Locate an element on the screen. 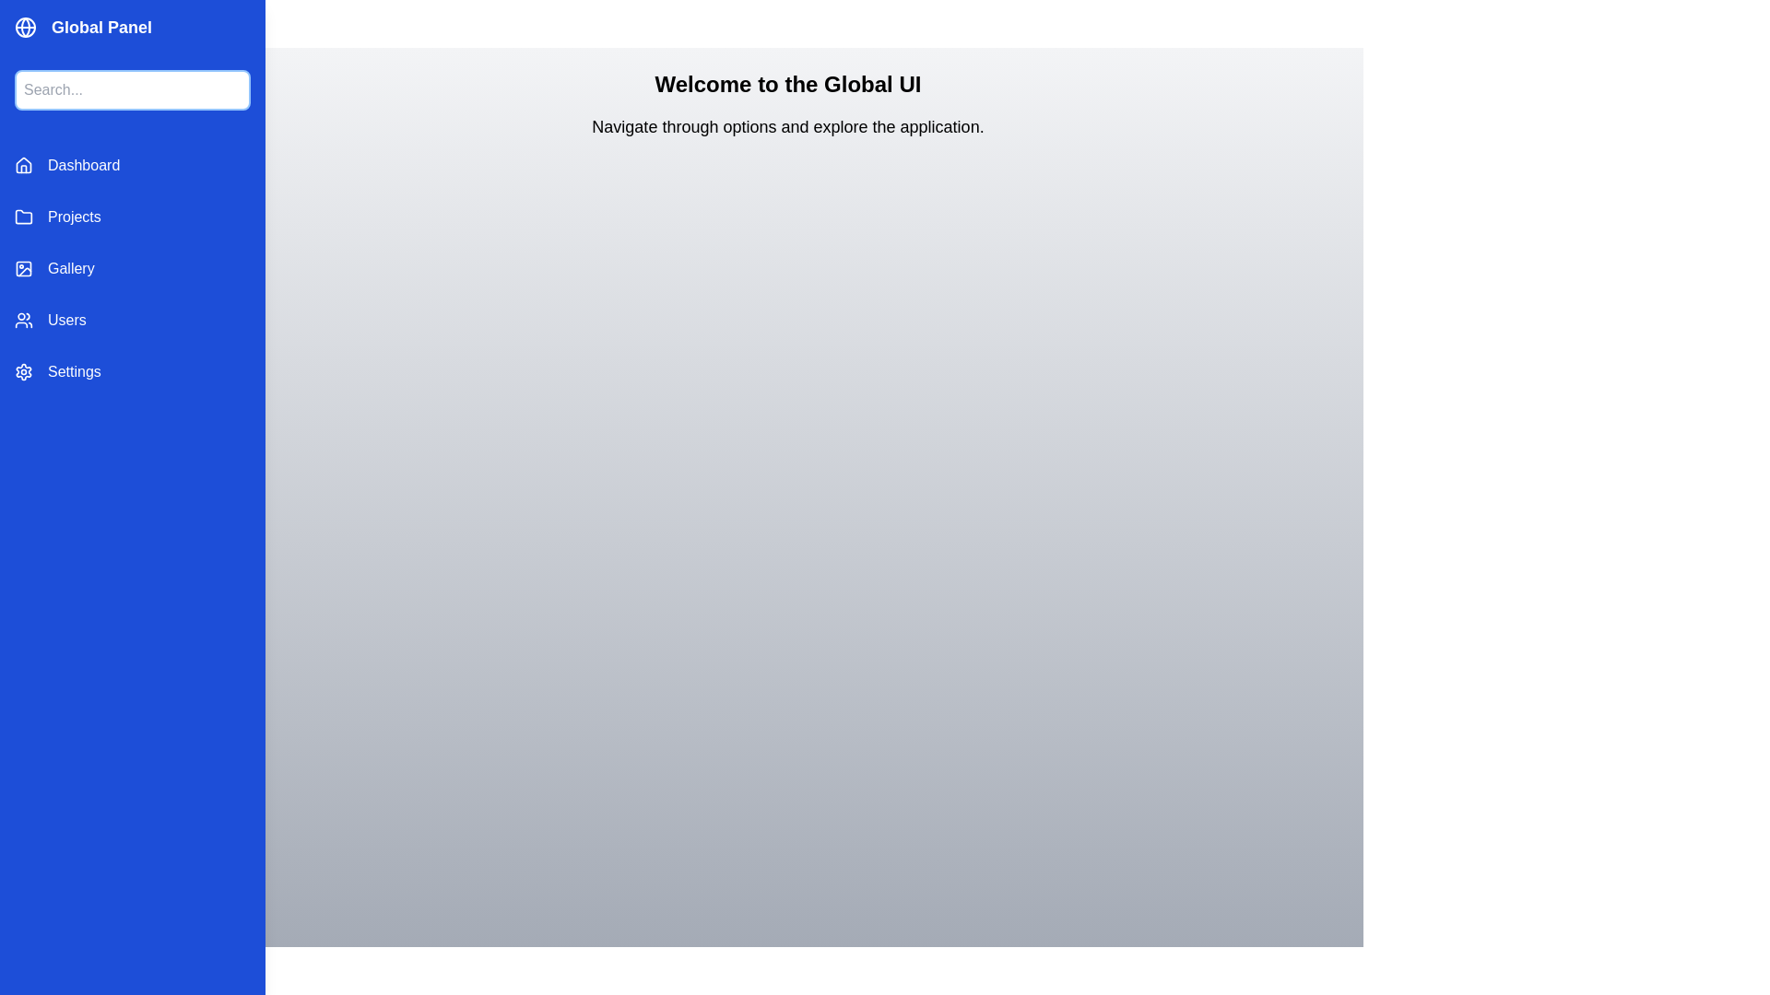  toggle button to change the drawer's visibility is located at coordinates (223, 58).